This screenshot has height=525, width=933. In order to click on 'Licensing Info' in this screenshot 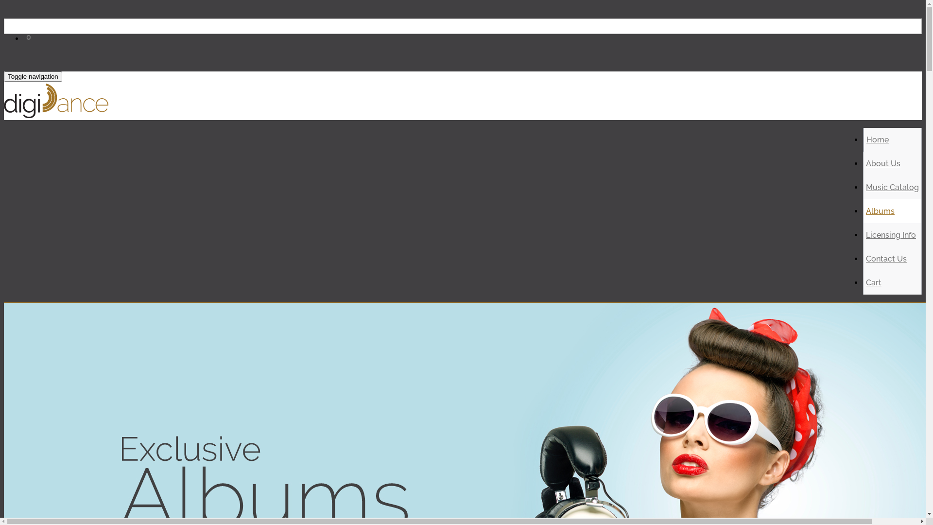, I will do `click(891, 235)`.